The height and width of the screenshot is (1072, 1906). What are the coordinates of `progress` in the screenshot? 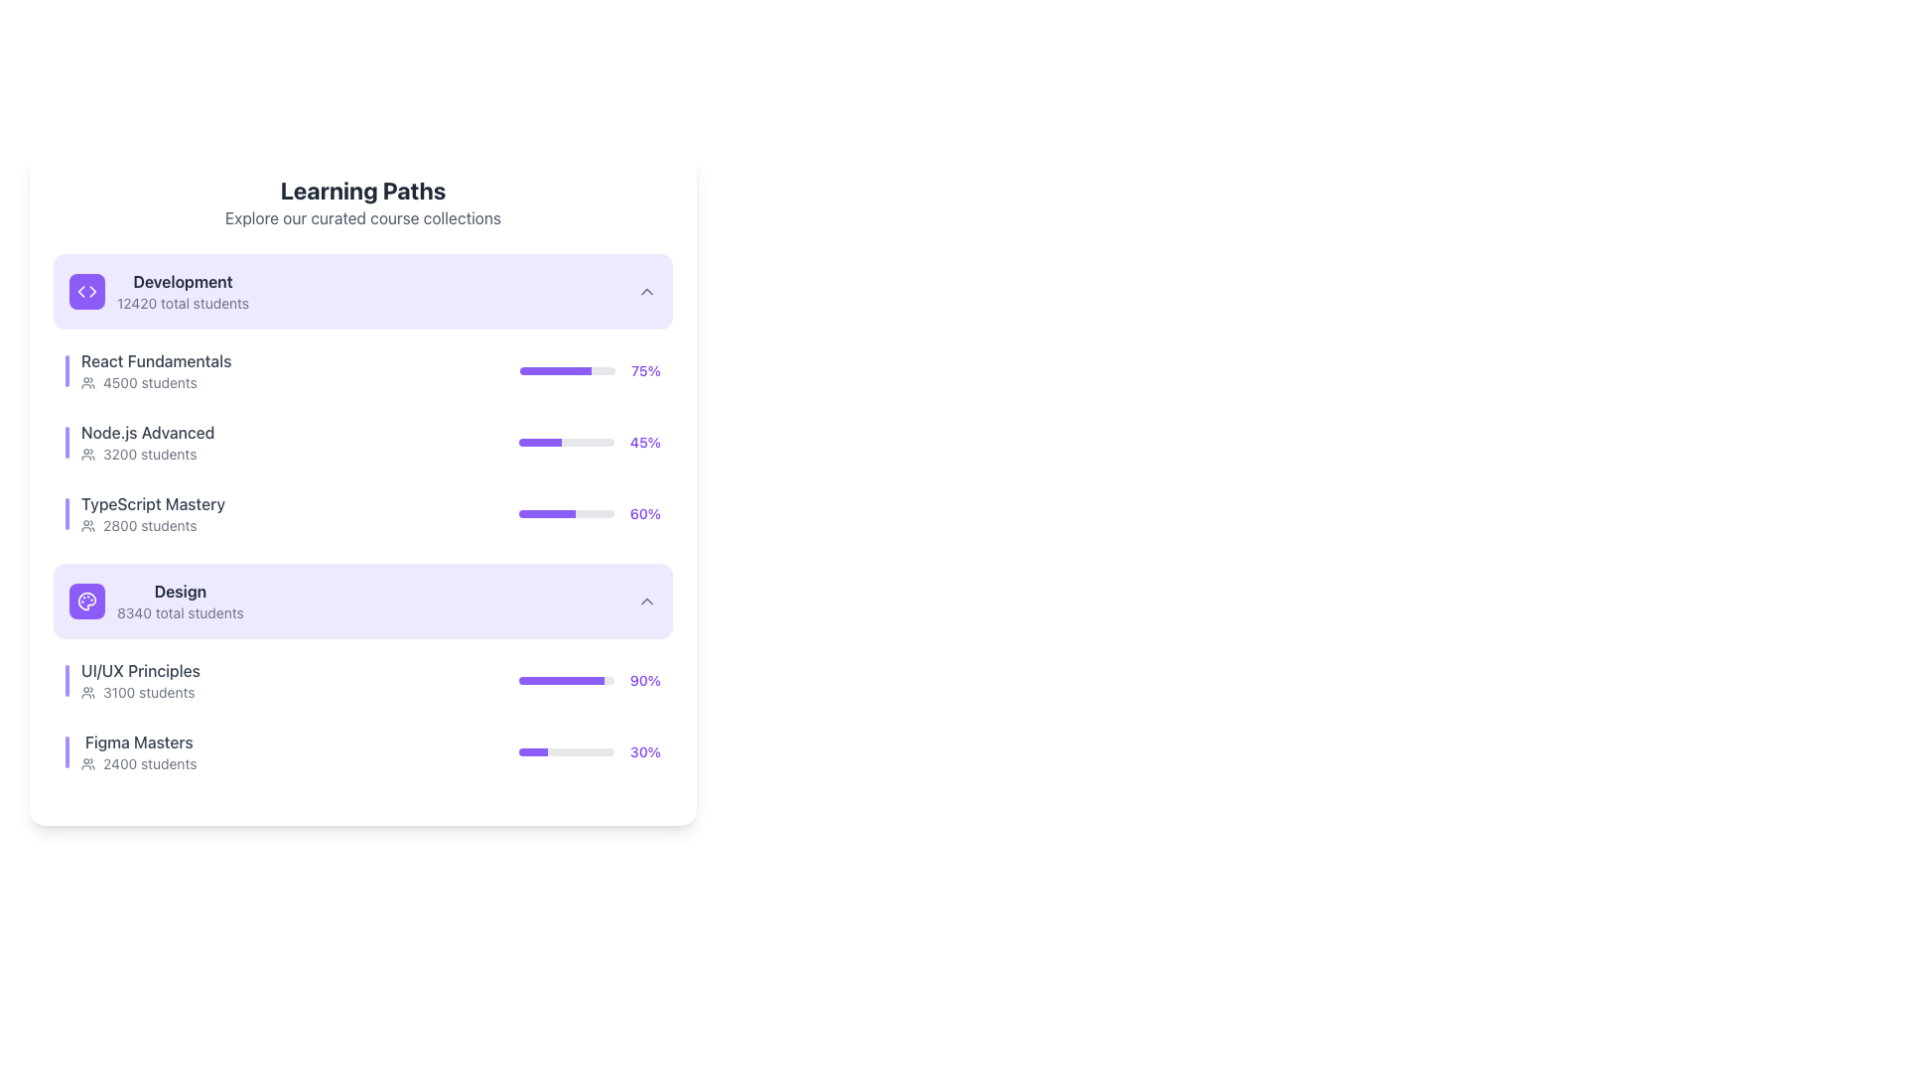 It's located at (559, 442).